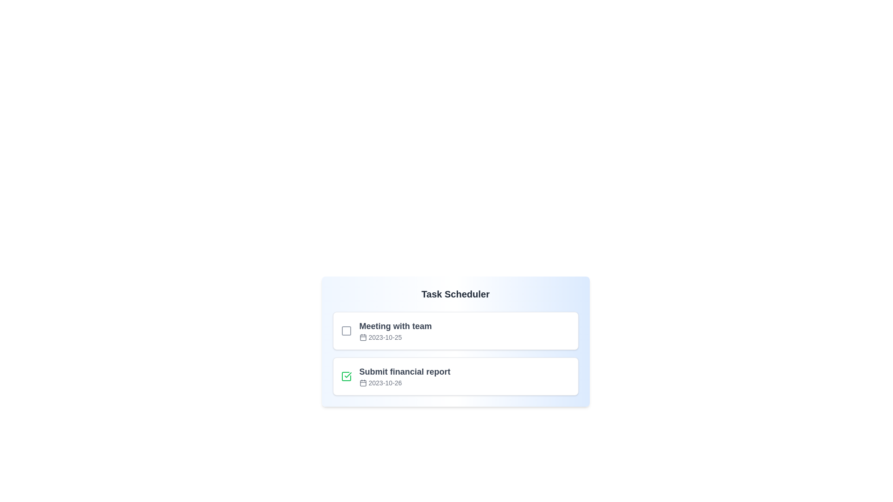  What do you see at coordinates (346, 330) in the screenshot?
I see `the checkbox at the top-left corner of the card for the 'Meeting with team' task` at bounding box center [346, 330].